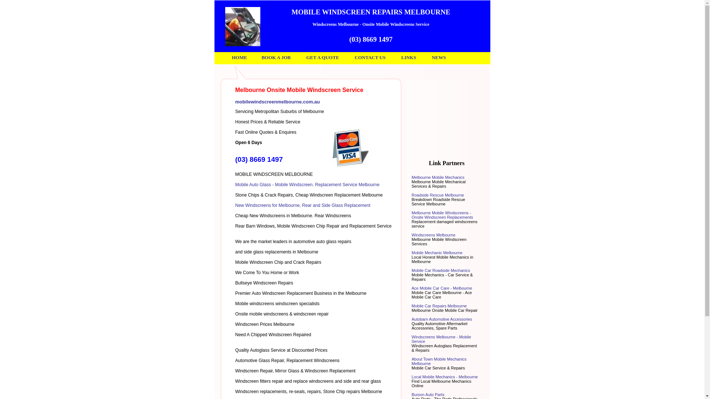  Describe the element at coordinates (439, 57) in the screenshot. I see `'NEWS'` at that location.